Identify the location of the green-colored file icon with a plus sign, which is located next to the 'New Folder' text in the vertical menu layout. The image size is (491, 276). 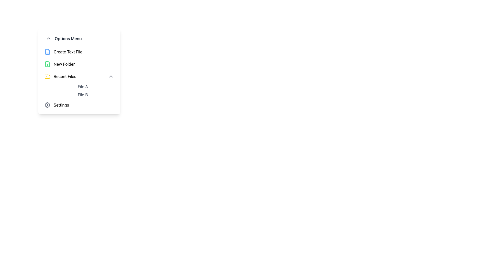
(48, 64).